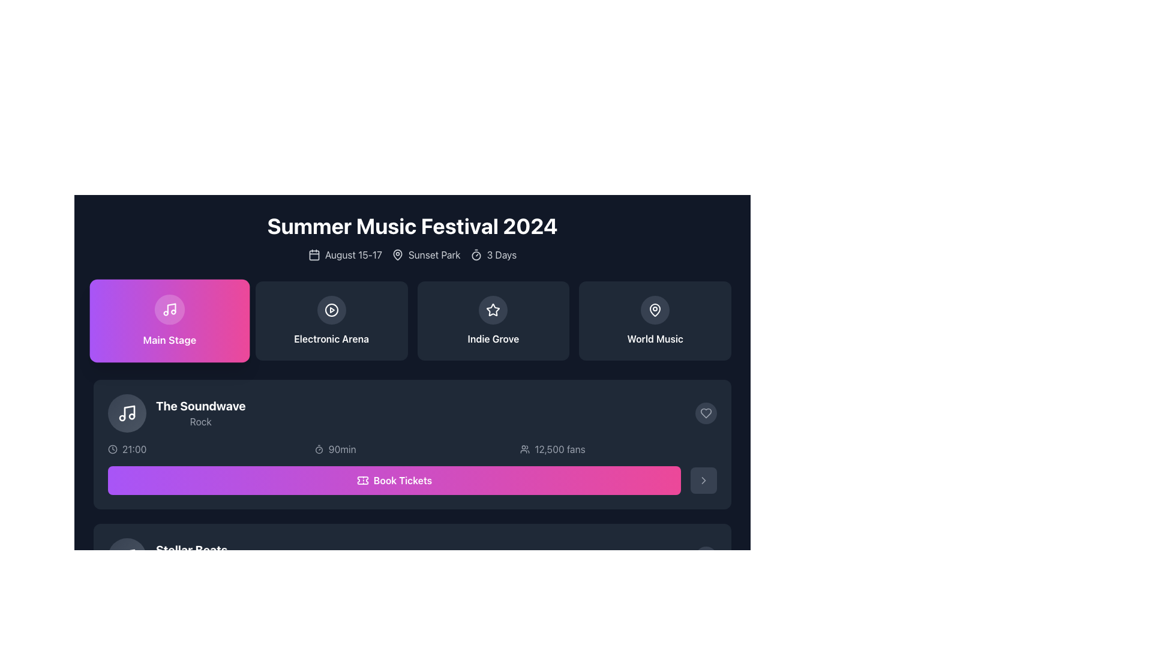 This screenshot has height=648, width=1152. What do you see at coordinates (703, 480) in the screenshot?
I see `the chevron icon located on the right side of the section titled 'The Soundwave'` at bounding box center [703, 480].